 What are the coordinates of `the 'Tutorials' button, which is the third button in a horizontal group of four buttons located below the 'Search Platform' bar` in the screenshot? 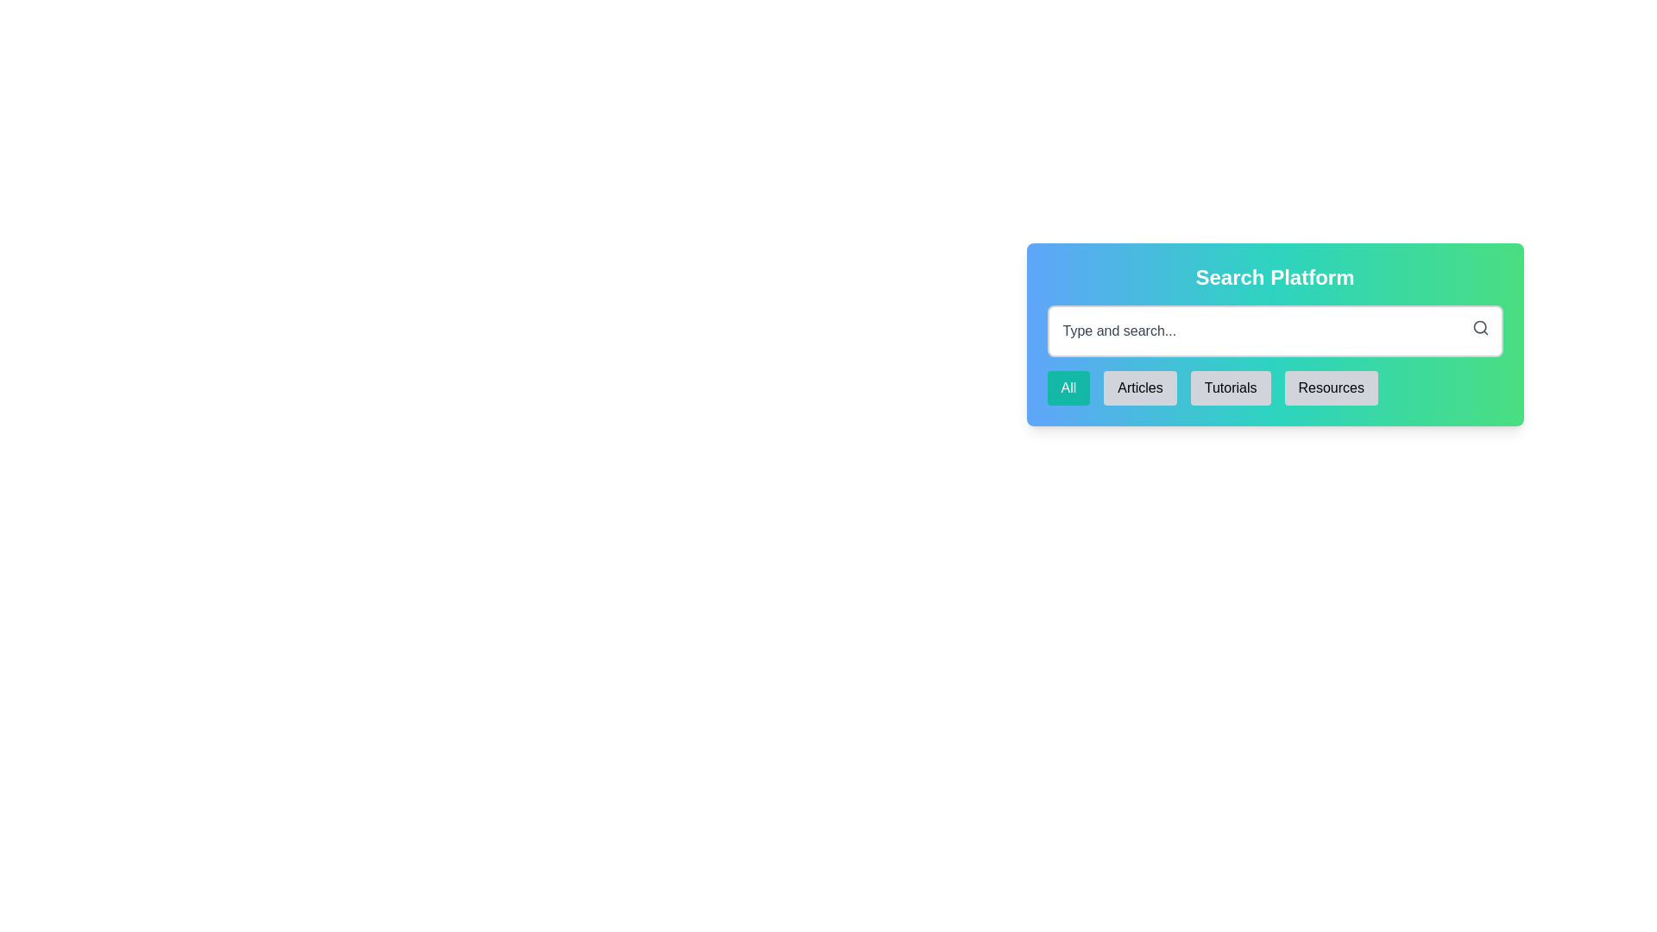 It's located at (1230, 388).